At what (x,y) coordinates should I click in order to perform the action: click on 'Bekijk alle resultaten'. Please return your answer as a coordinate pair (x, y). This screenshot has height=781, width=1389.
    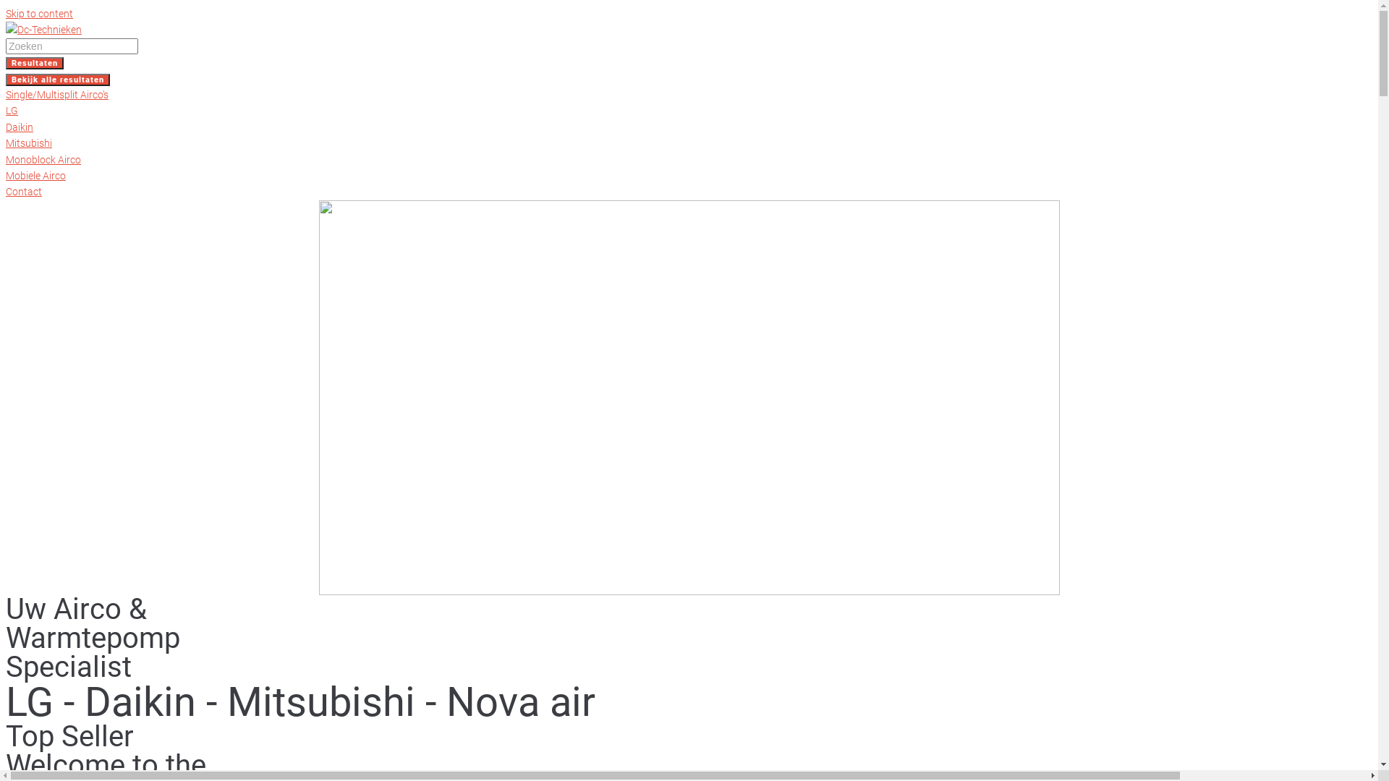
    Looking at the image, I should click on (58, 80).